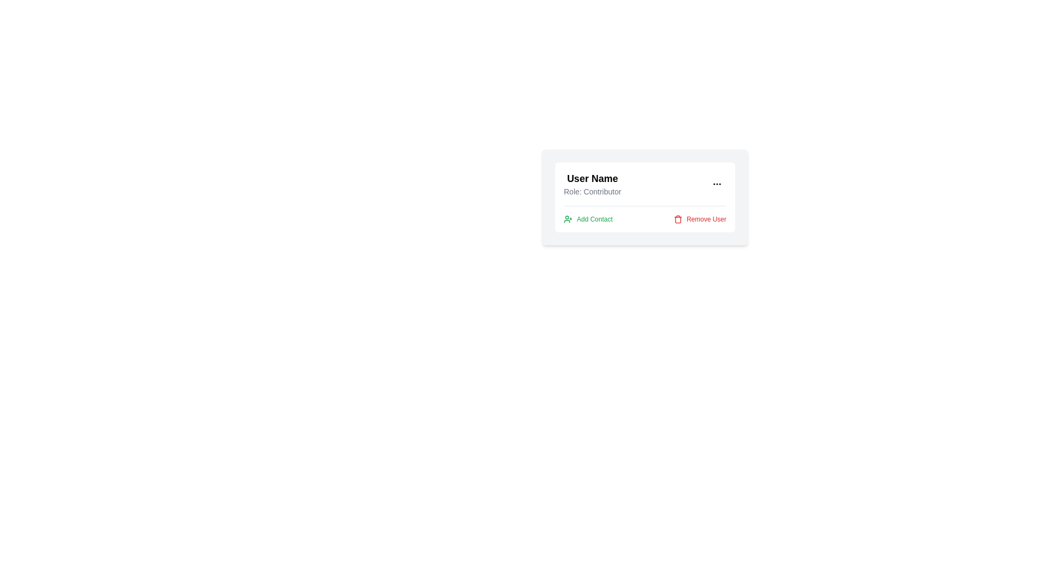 Image resolution: width=1040 pixels, height=585 pixels. Describe the element at coordinates (700, 219) in the screenshot. I see `the button intended for removing a user from the list, located to the right of the 'Add Contact' button, to observe tooltips or style changes` at that location.